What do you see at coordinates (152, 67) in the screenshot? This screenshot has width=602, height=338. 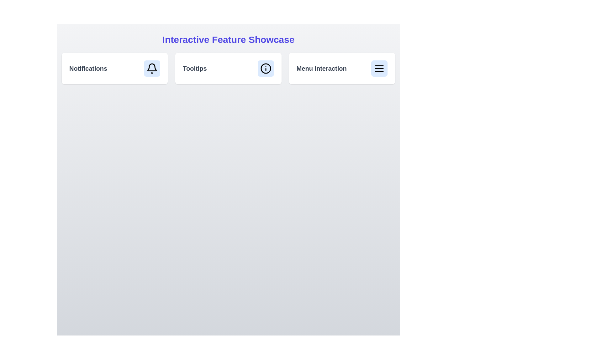 I see `the bell icon within the 'Notifications' button to trigger the tooltip or hover effect` at bounding box center [152, 67].